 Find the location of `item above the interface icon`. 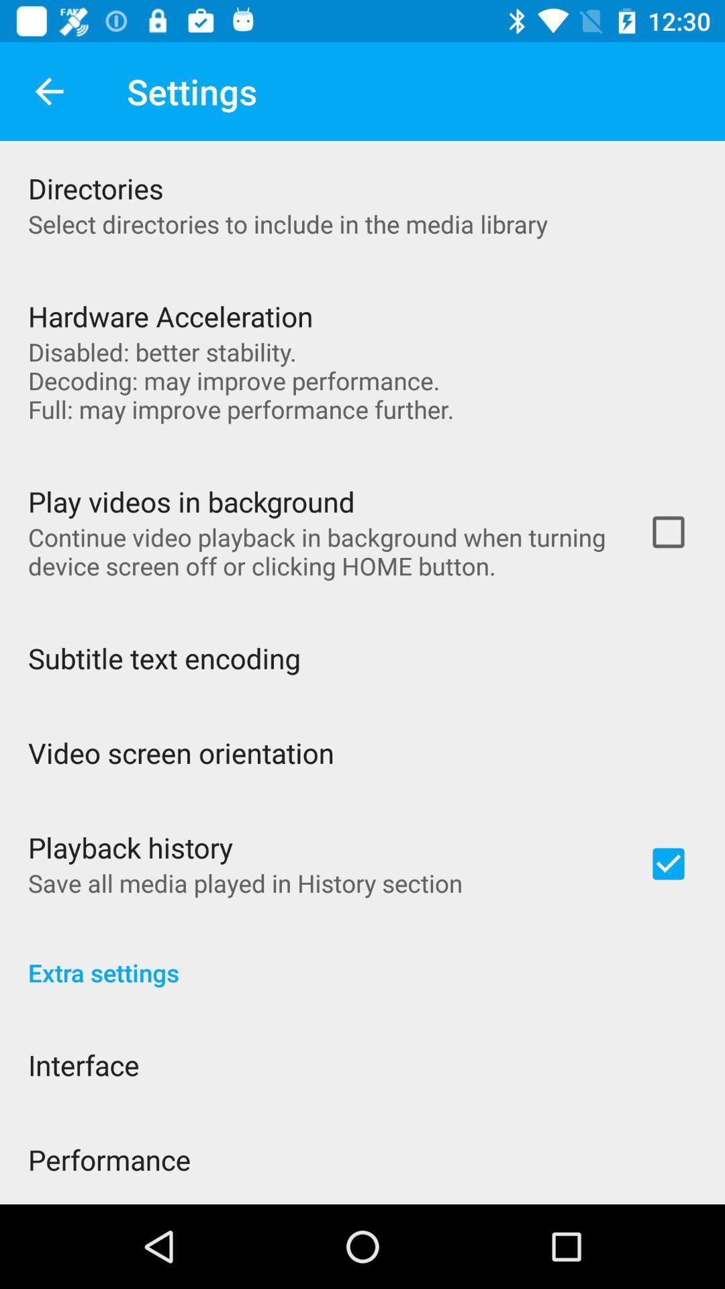

item above the interface icon is located at coordinates (362, 958).